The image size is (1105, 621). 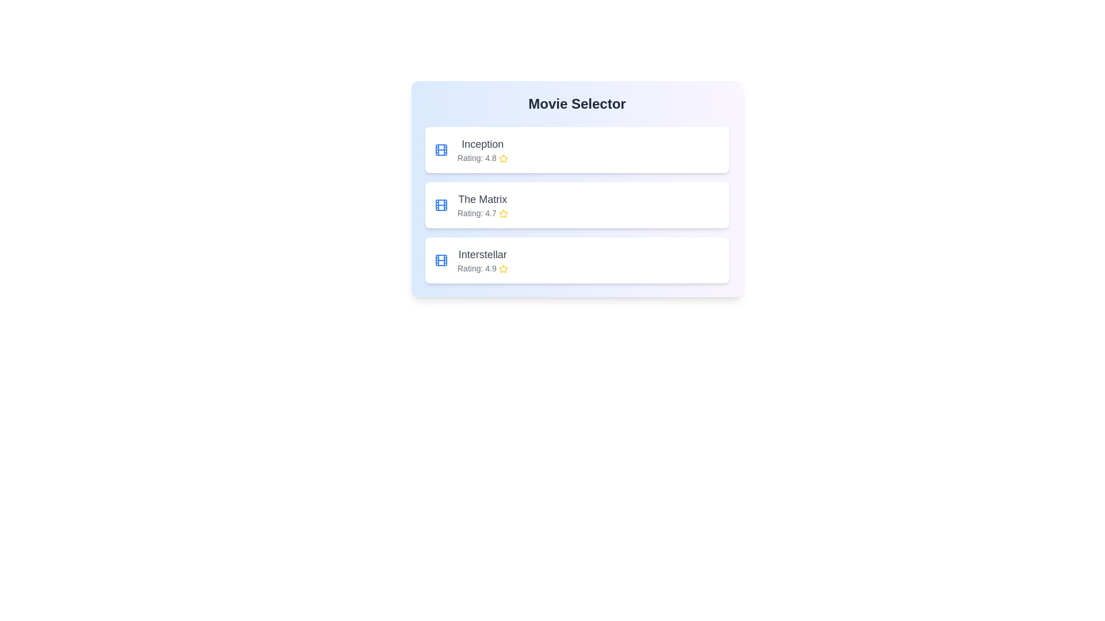 I want to click on the movie titled The Matrix from the list, so click(x=577, y=205).